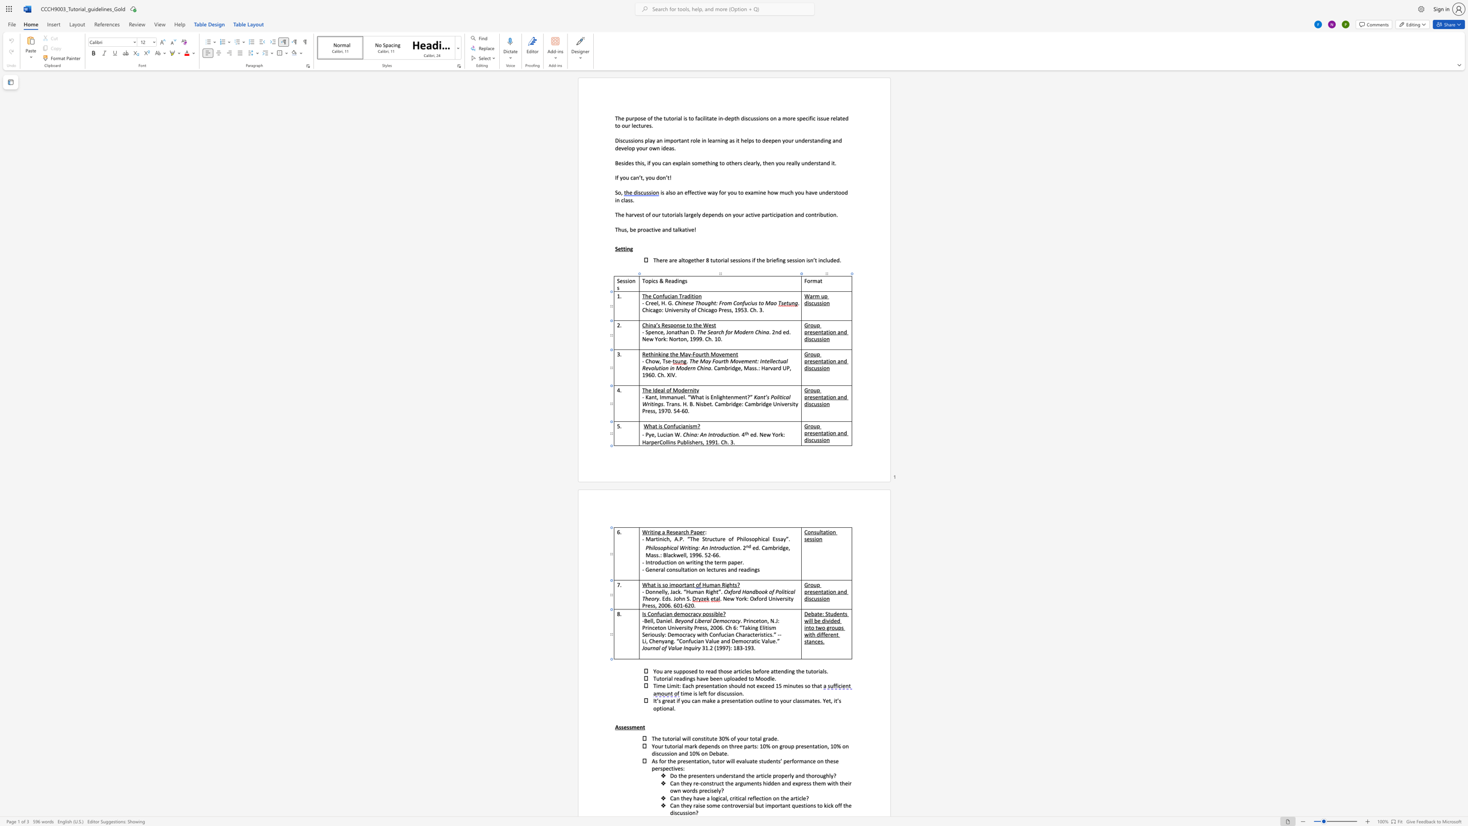 The width and height of the screenshot is (1468, 826). Describe the element at coordinates (699, 648) in the screenshot. I see `the 1th character "y" in the text` at that location.